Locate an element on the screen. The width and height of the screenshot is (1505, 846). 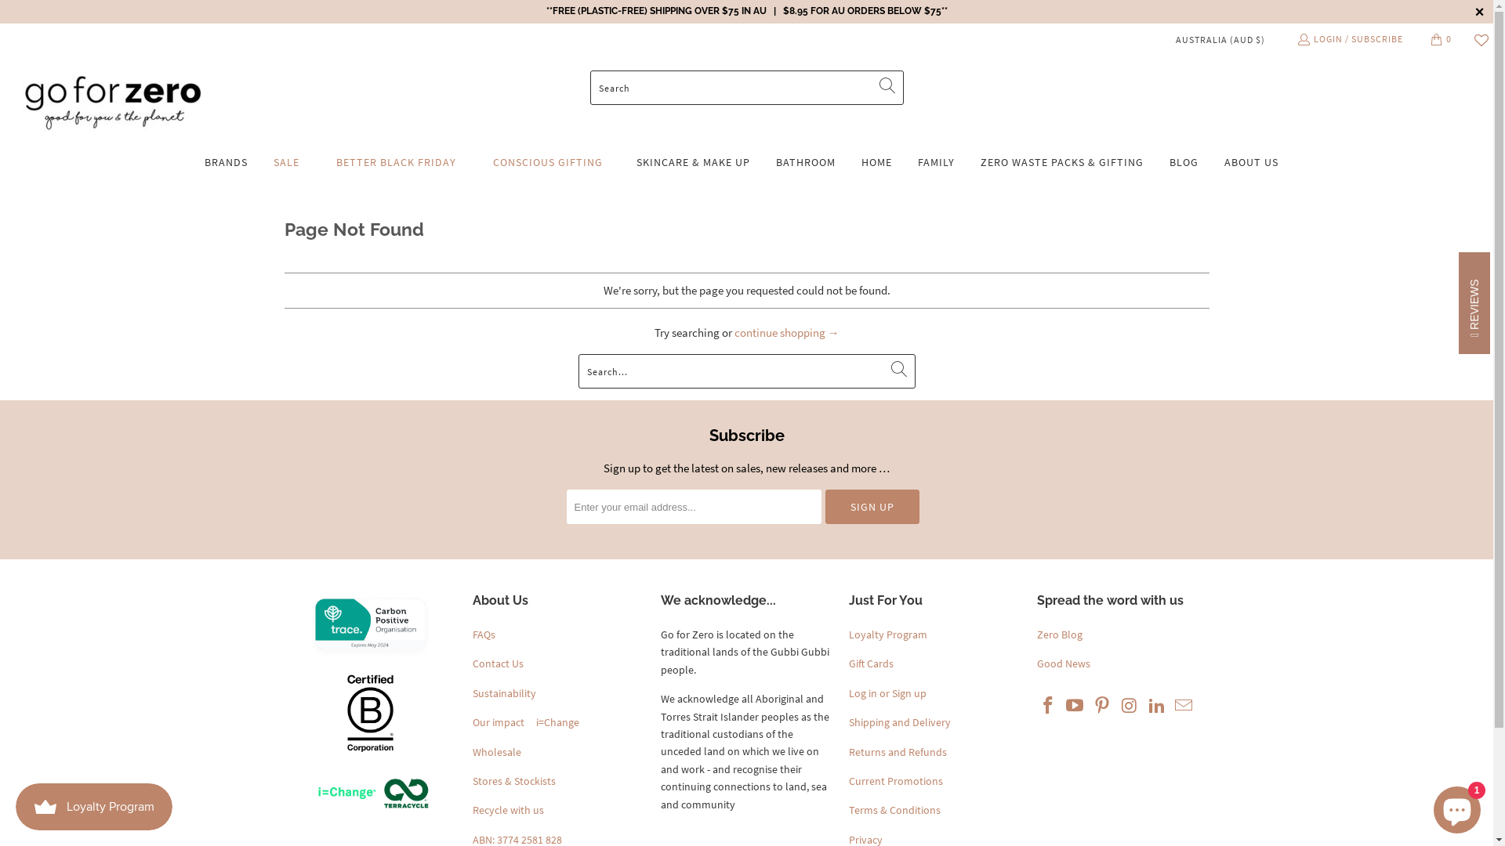
'Go For Zero' is located at coordinates (112, 103).